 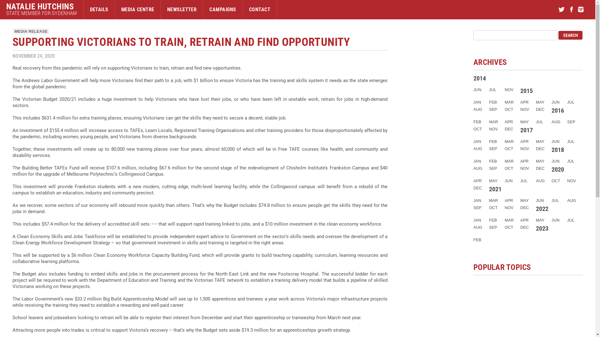 What do you see at coordinates (161, 9) in the screenshot?
I see `'NEWSLETTER'` at bounding box center [161, 9].